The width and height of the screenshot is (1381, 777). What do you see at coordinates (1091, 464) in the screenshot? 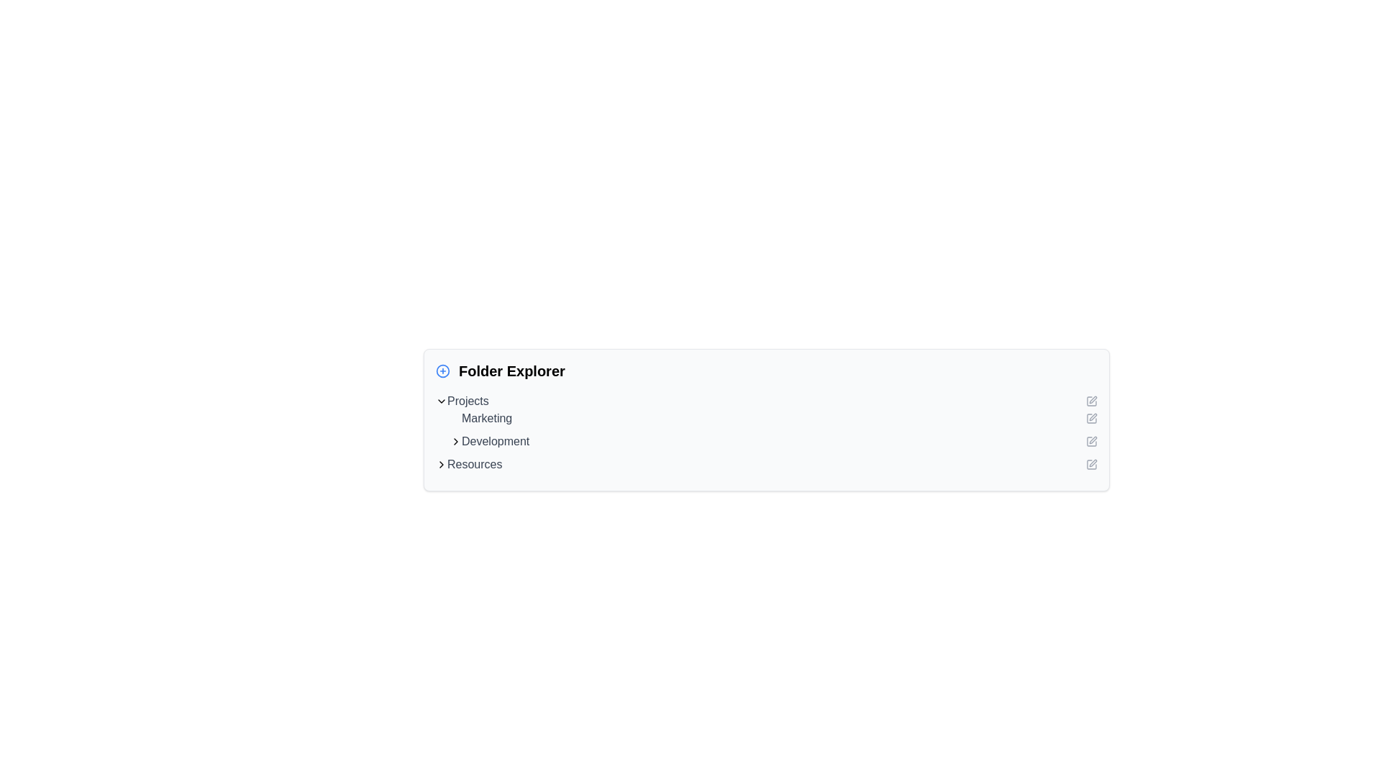
I see `the small square pen icon located on the far right of the interface, adjacent to the label 'Resources', to initiate an edit action` at bounding box center [1091, 464].